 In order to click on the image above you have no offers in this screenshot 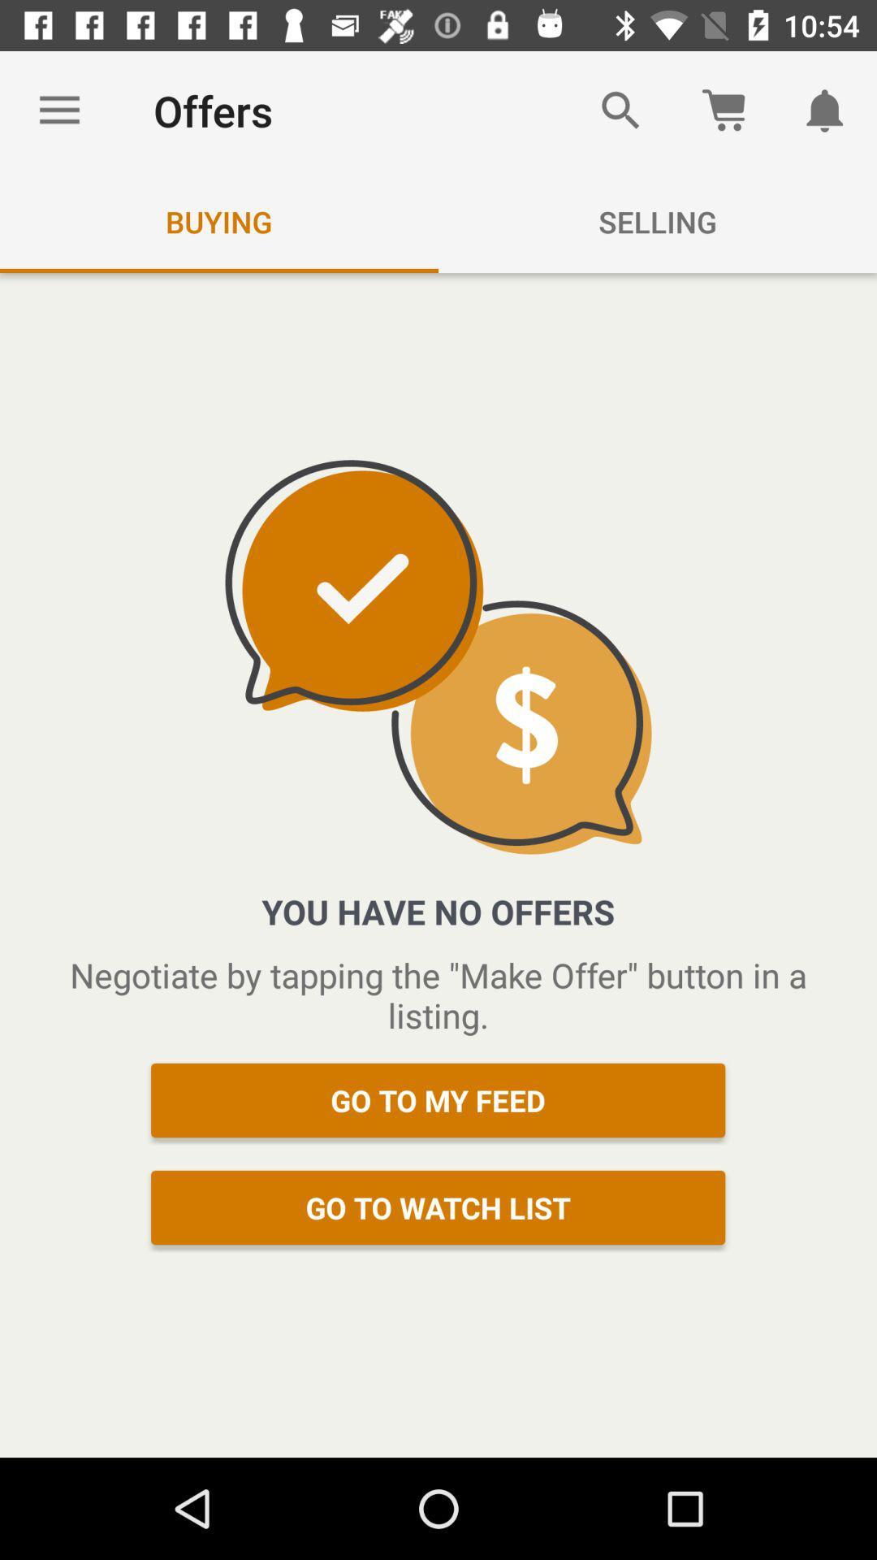, I will do `click(438, 657)`.